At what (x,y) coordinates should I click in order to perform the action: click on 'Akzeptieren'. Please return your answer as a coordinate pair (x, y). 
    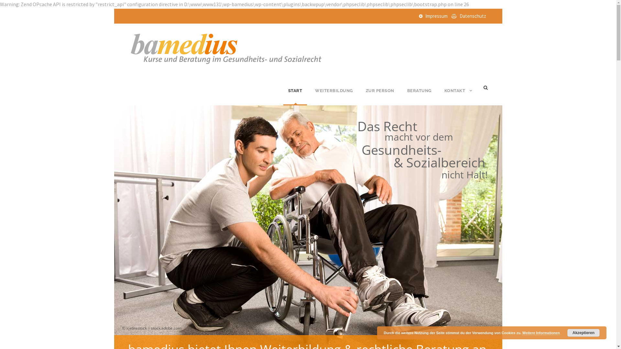
    Looking at the image, I should click on (567, 333).